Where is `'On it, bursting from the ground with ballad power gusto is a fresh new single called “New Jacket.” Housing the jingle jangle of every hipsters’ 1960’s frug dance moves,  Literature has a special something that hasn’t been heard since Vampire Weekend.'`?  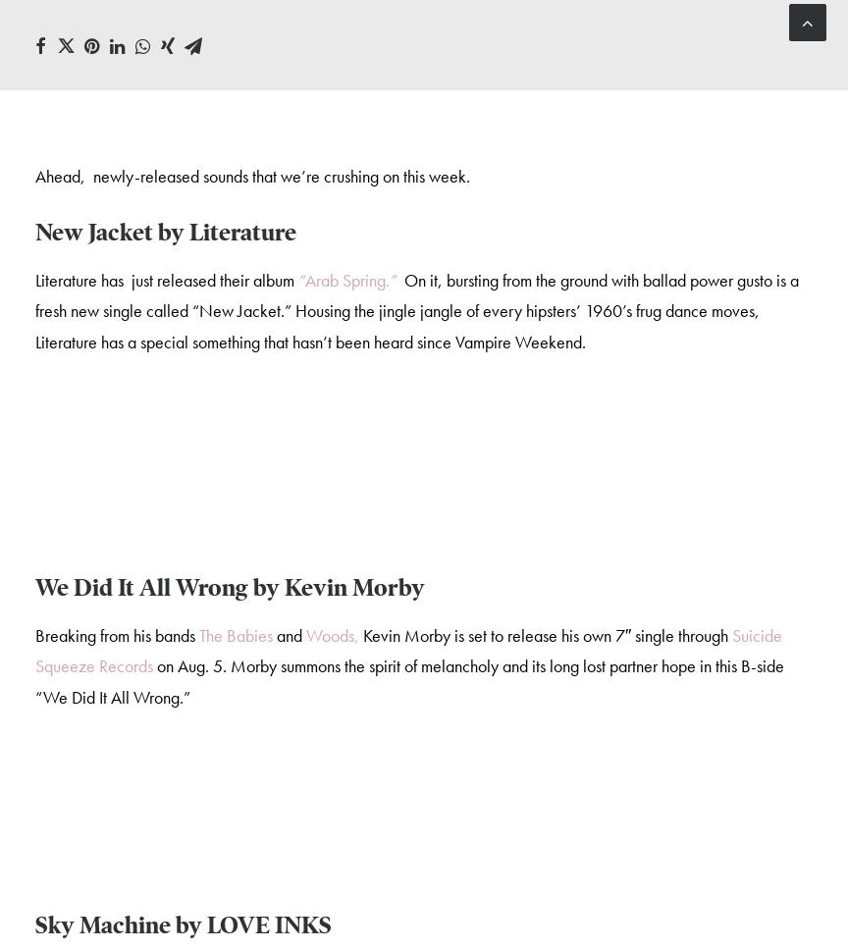
'On it, bursting from the ground with ballad power gusto is a fresh new single called “New Jacket.” Housing the jingle jangle of every hipsters’ 1960’s frug dance moves,  Literature has a special something that hasn’t been heard since Vampire Weekend.' is located at coordinates (416, 313).